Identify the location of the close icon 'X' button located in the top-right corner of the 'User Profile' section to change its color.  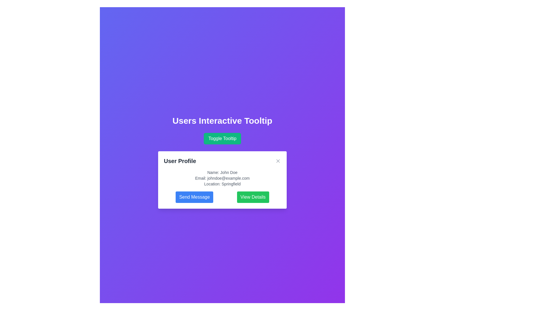
(278, 161).